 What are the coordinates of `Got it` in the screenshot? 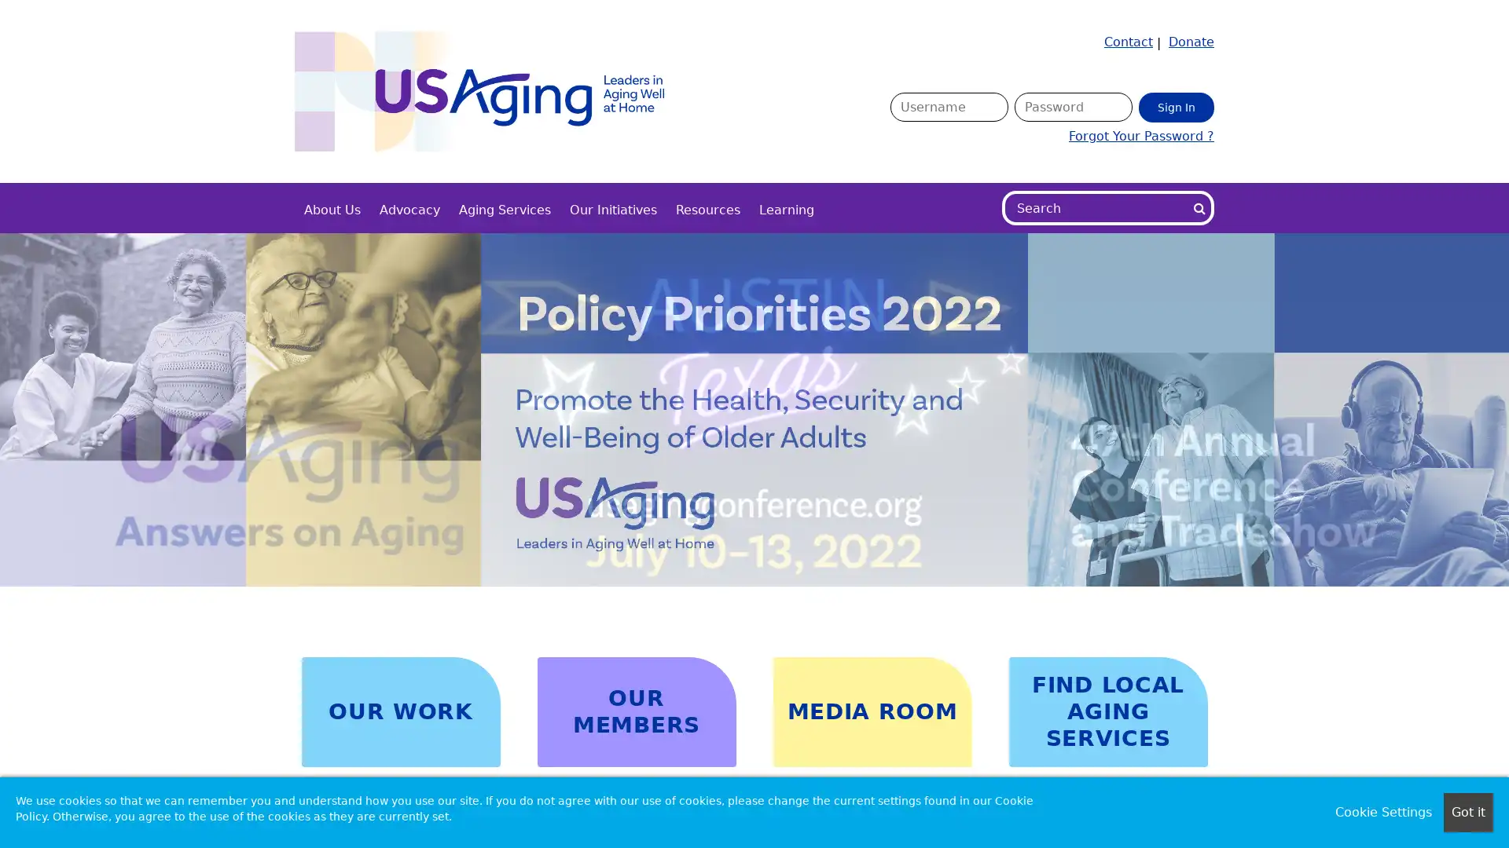 It's located at (1467, 812).